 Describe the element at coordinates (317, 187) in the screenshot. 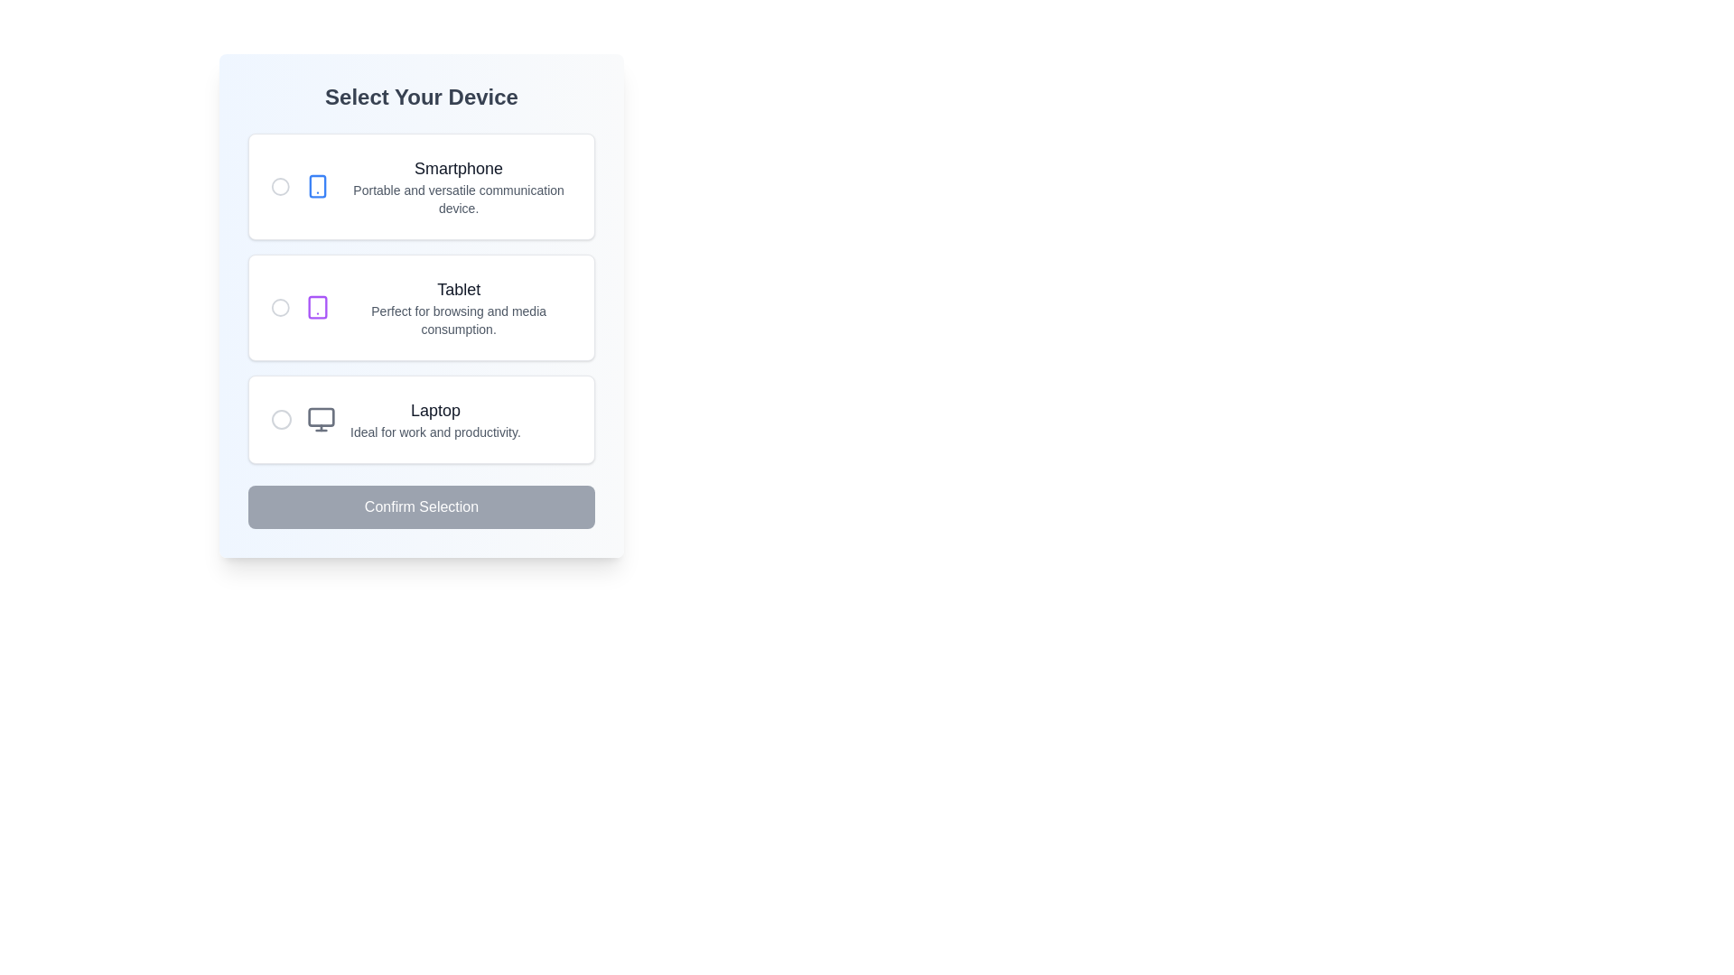

I see `the smartphone icon located to the right of the radiobutton for the 'Smartphone' option in the list` at that location.